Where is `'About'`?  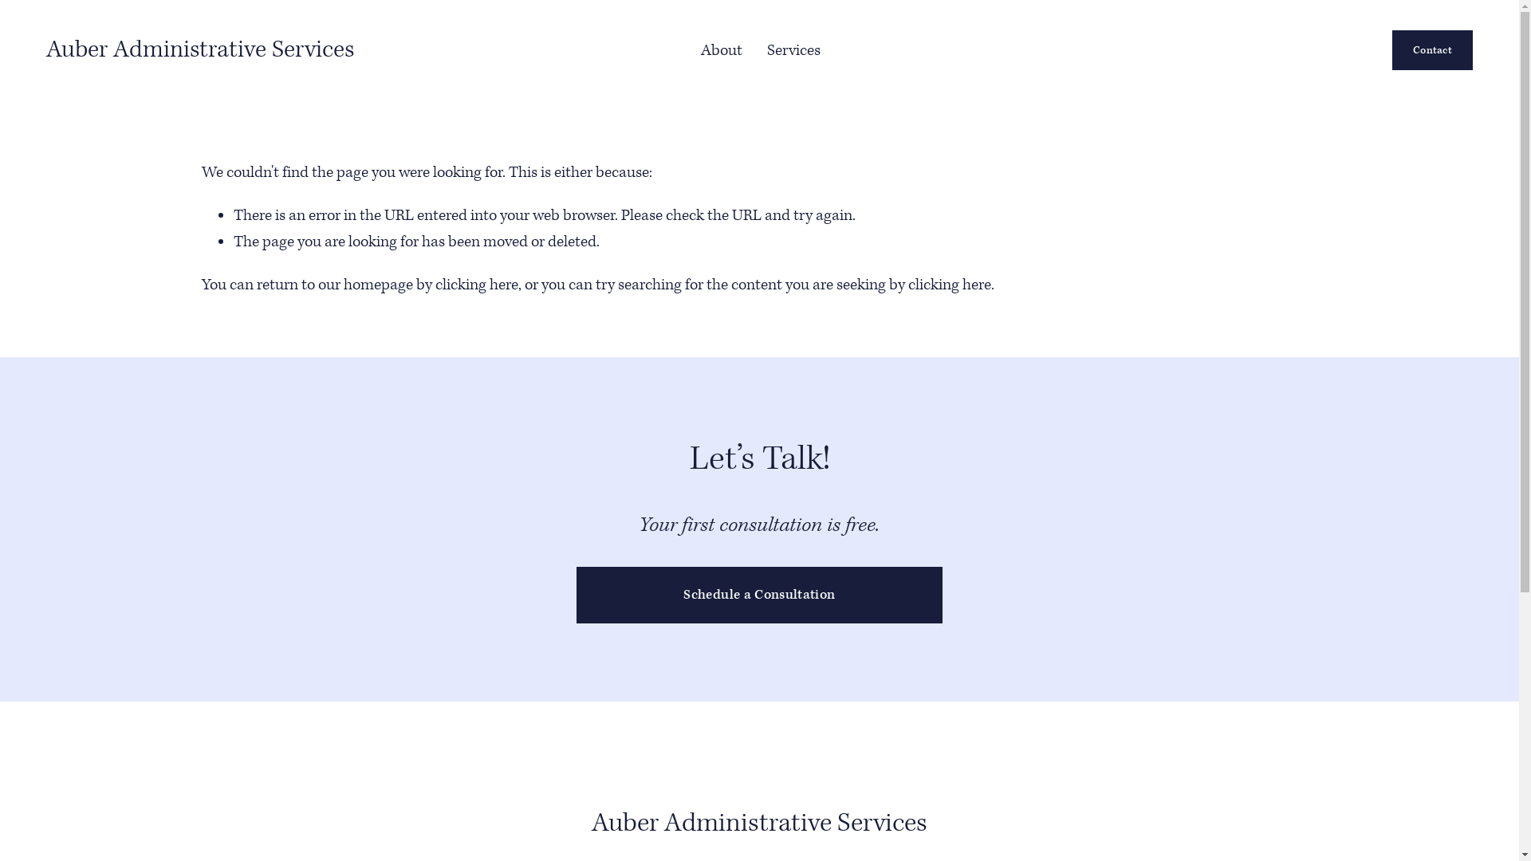 'About' is located at coordinates (721, 49).